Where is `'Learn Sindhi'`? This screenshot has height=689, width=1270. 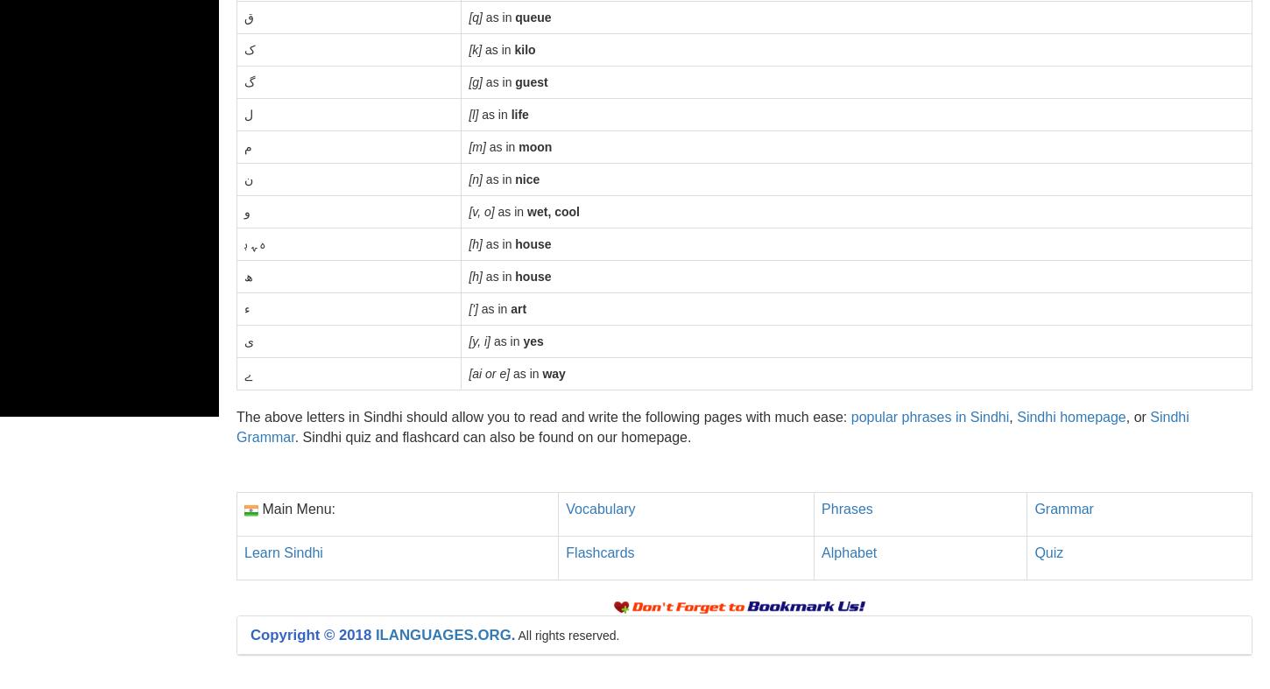
'Learn Sindhi' is located at coordinates (283, 551).